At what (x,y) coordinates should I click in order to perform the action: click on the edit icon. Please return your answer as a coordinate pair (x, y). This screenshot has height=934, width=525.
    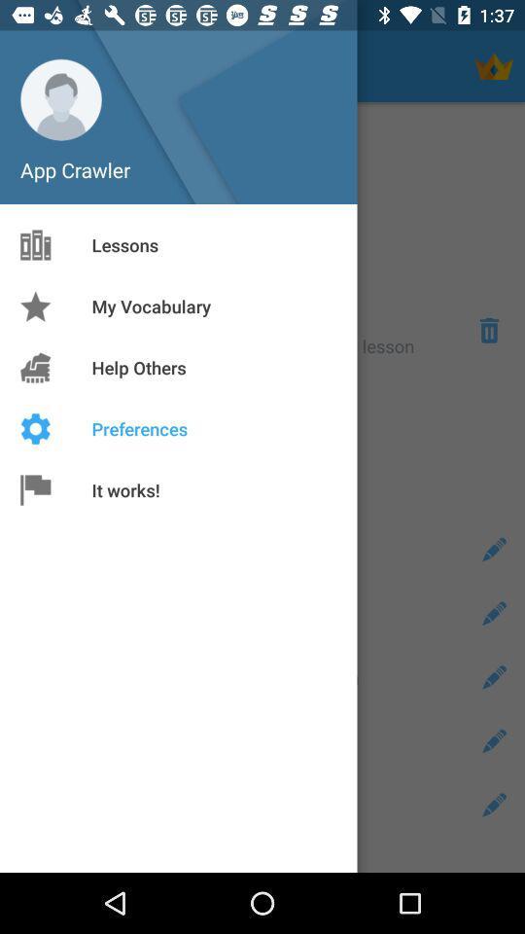
    Looking at the image, I should click on (494, 612).